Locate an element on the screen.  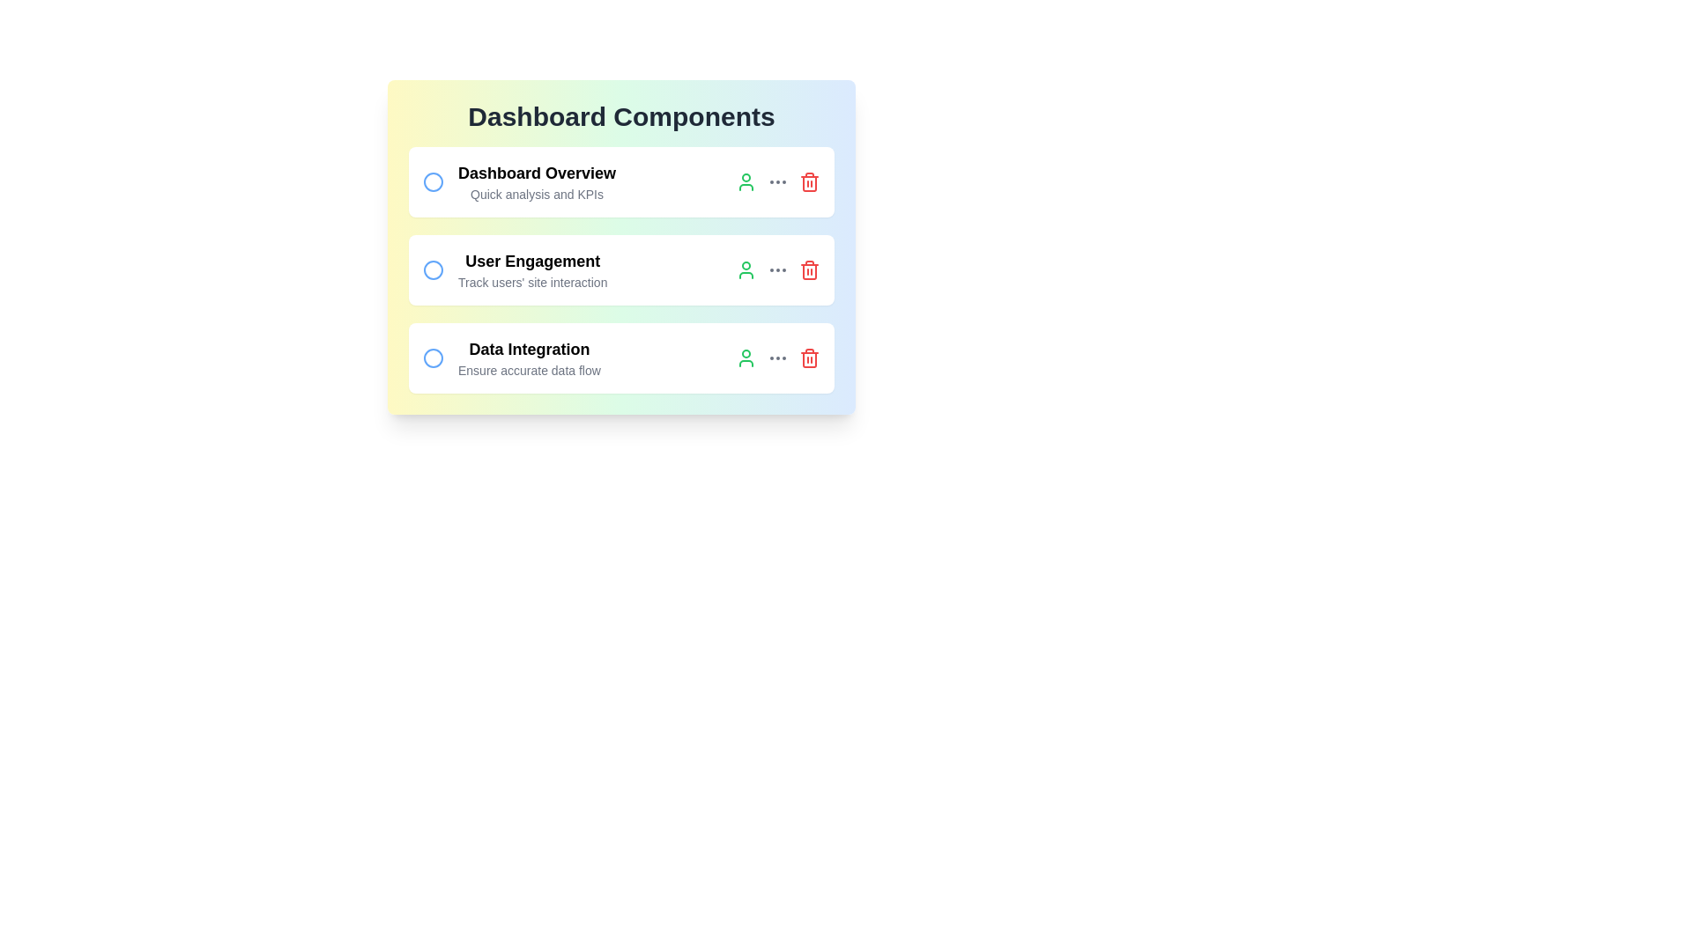
the three dots button for task 2 is located at coordinates (777, 270).